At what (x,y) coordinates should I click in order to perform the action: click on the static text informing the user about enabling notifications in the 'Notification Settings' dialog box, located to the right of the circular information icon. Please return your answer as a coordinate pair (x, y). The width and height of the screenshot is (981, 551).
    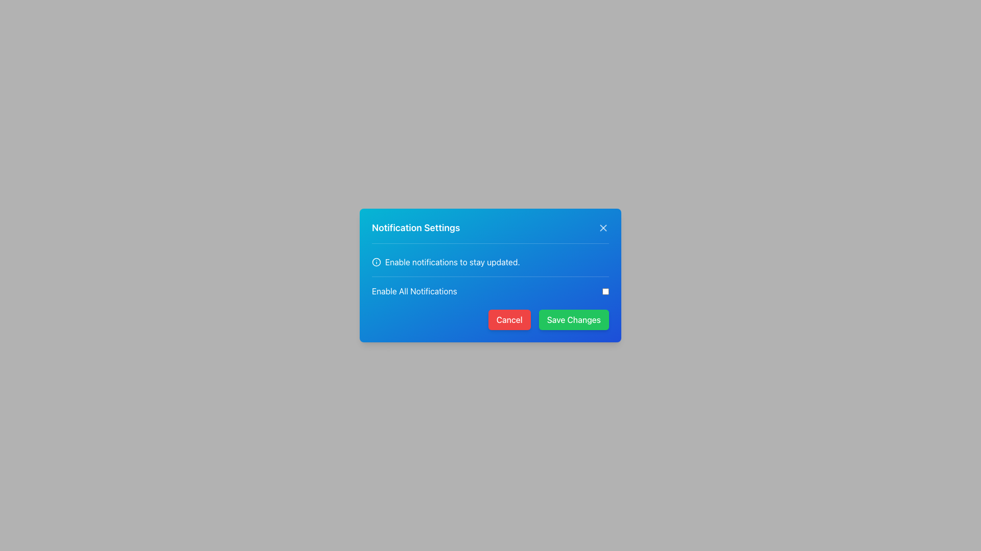
    Looking at the image, I should click on (452, 261).